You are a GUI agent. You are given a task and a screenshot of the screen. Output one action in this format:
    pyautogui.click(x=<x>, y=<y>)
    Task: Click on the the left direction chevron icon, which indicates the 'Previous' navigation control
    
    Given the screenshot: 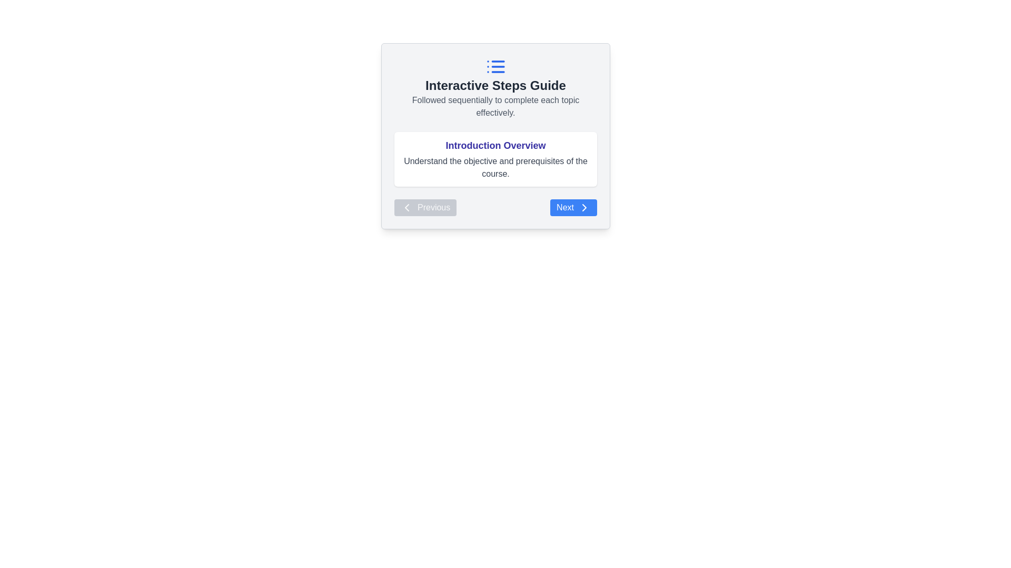 What is the action you would take?
    pyautogui.click(x=406, y=207)
    